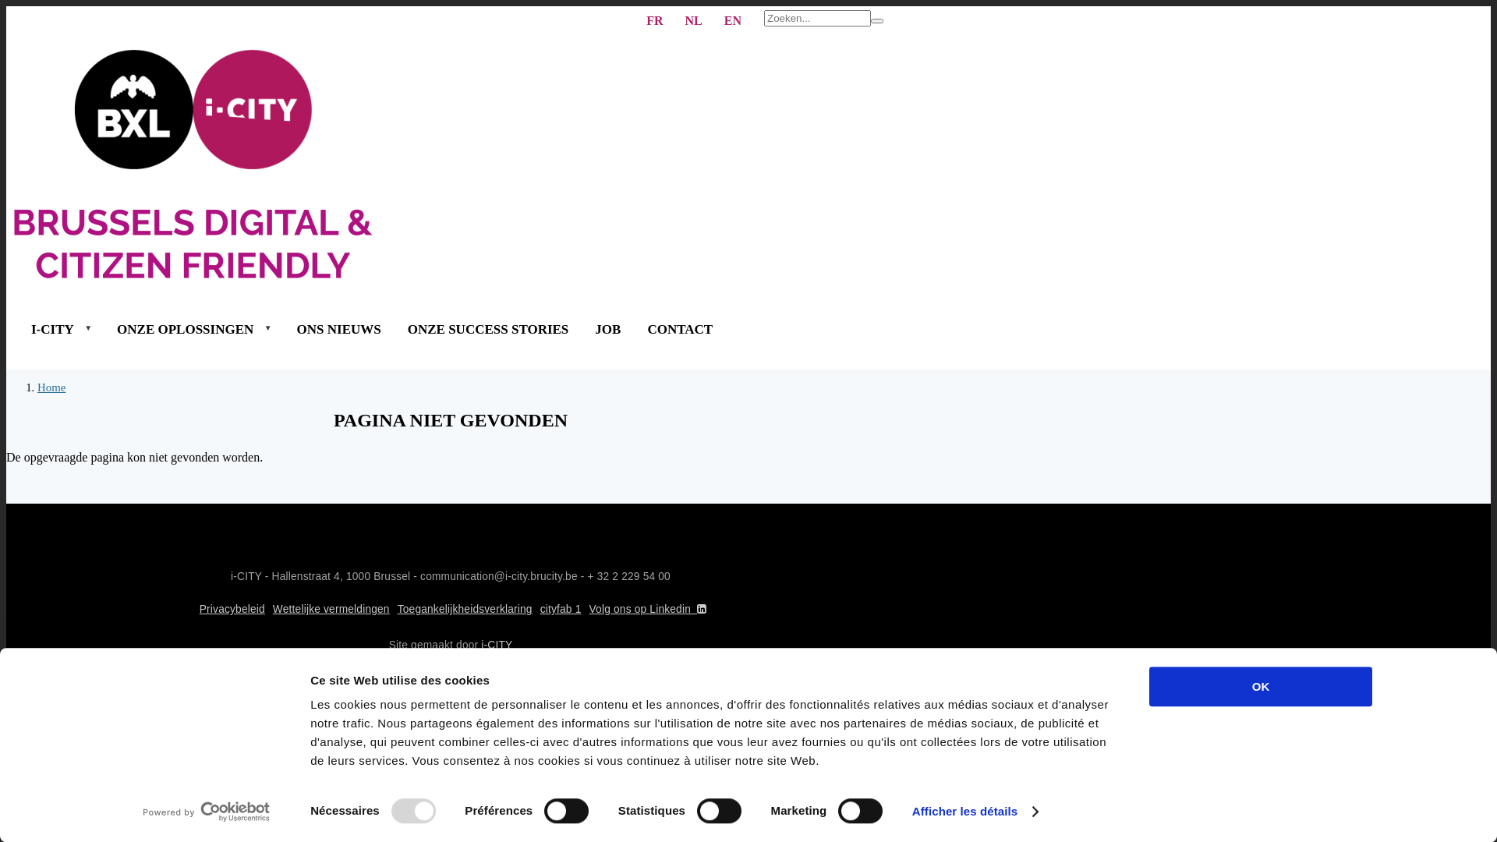 The width and height of the screenshot is (1497, 842). What do you see at coordinates (692, 20) in the screenshot?
I see `'NL'` at bounding box center [692, 20].